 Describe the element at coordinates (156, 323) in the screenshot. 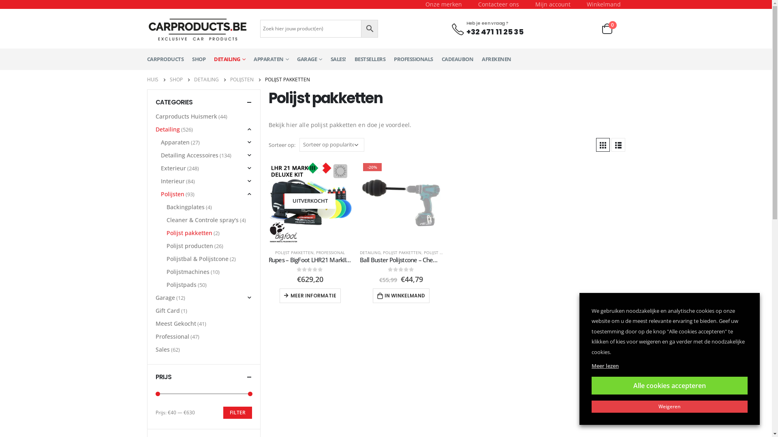

I see `'Meest Gekocht'` at that location.